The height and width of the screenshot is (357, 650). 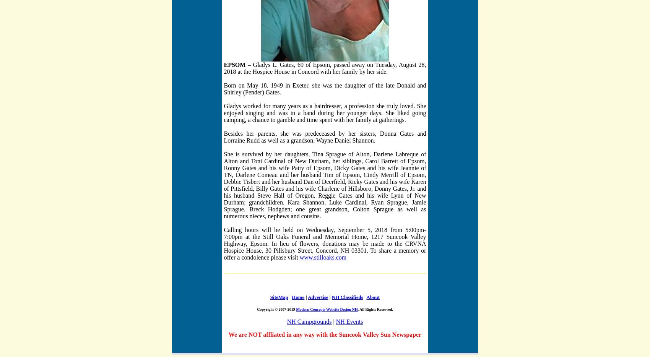 What do you see at coordinates (349, 321) in the screenshot?
I see `'NH
Events'` at bounding box center [349, 321].